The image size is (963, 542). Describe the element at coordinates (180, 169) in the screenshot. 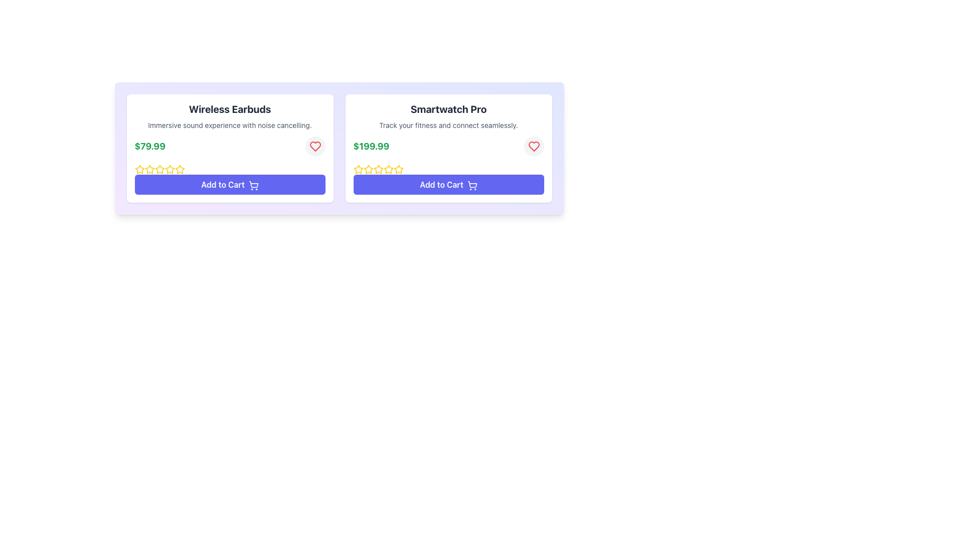

I see `the fifth star in the rating component of the product card labeled 'Wireless Earbuds' to assign the highest rating` at that location.